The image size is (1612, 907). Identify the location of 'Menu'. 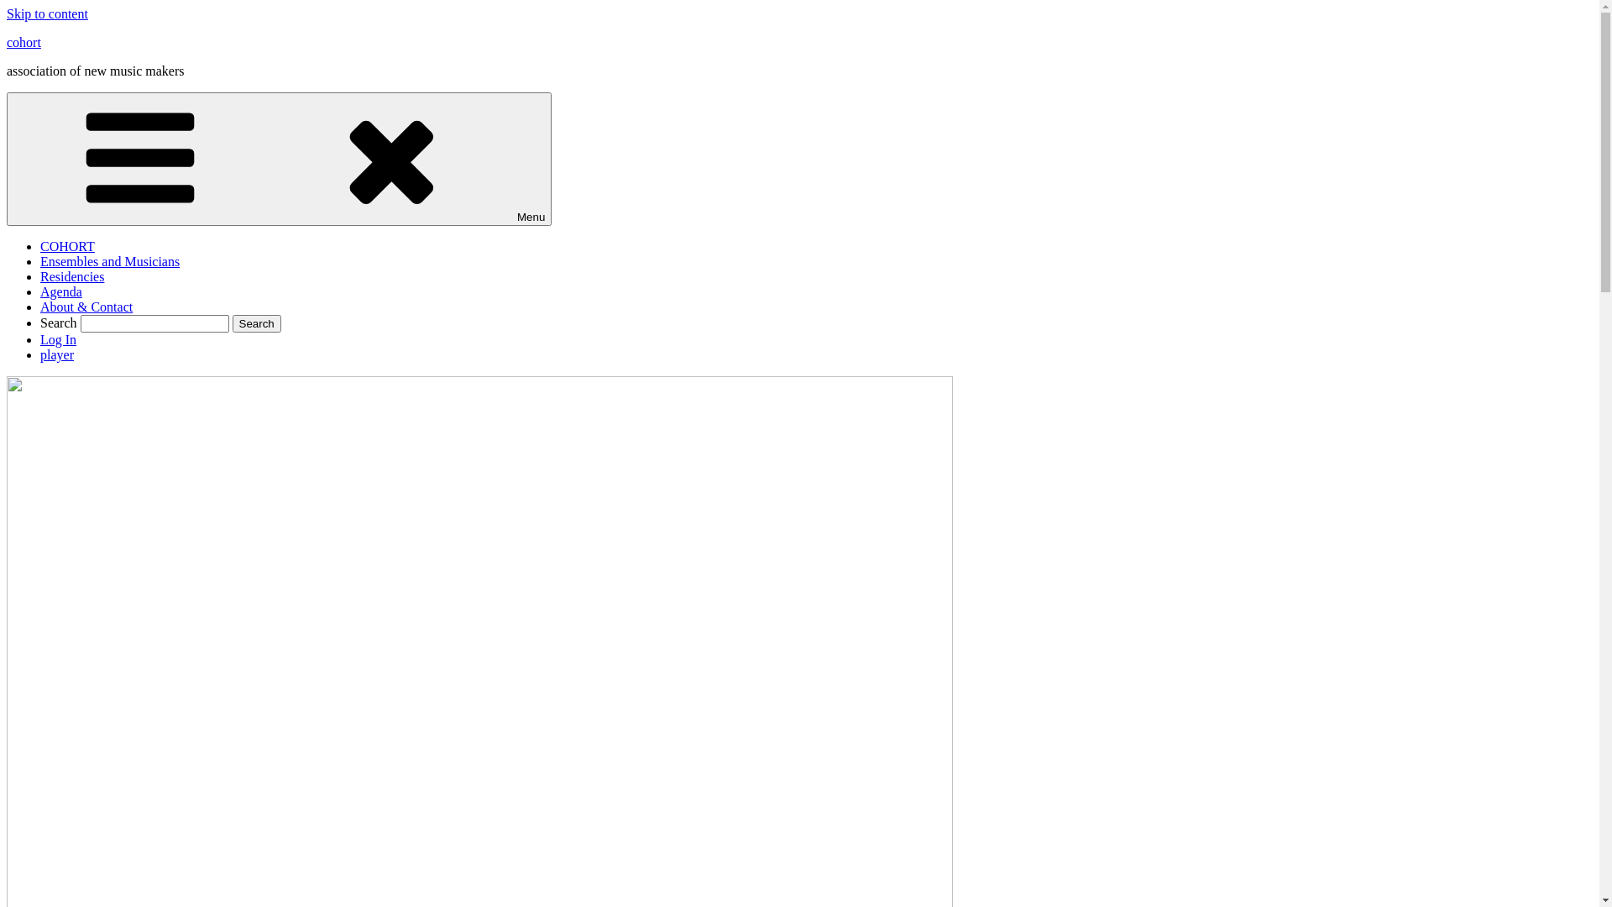
(279, 159).